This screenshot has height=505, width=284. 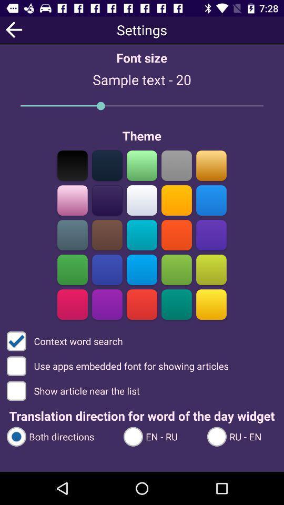 I want to click on theme color option, so click(x=211, y=235).